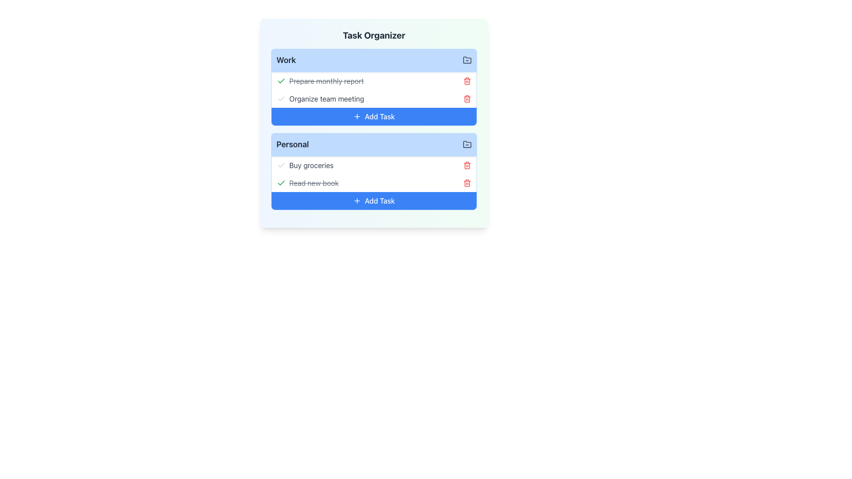  Describe the element at coordinates (319, 81) in the screenshot. I see `the text label 'Prepare monthly report' with a strikethrough and a green checkmark icon` at that location.